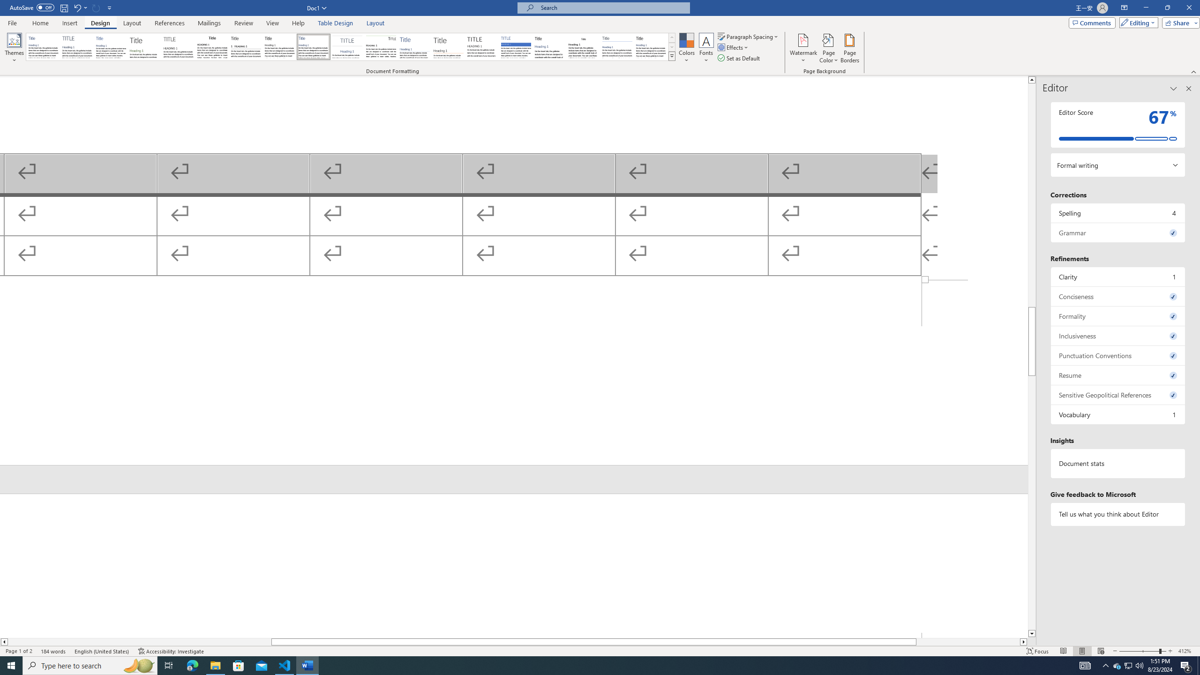  Describe the element at coordinates (145, 46) in the screenshot. I see `'Basic (Stylish)'` at that location.